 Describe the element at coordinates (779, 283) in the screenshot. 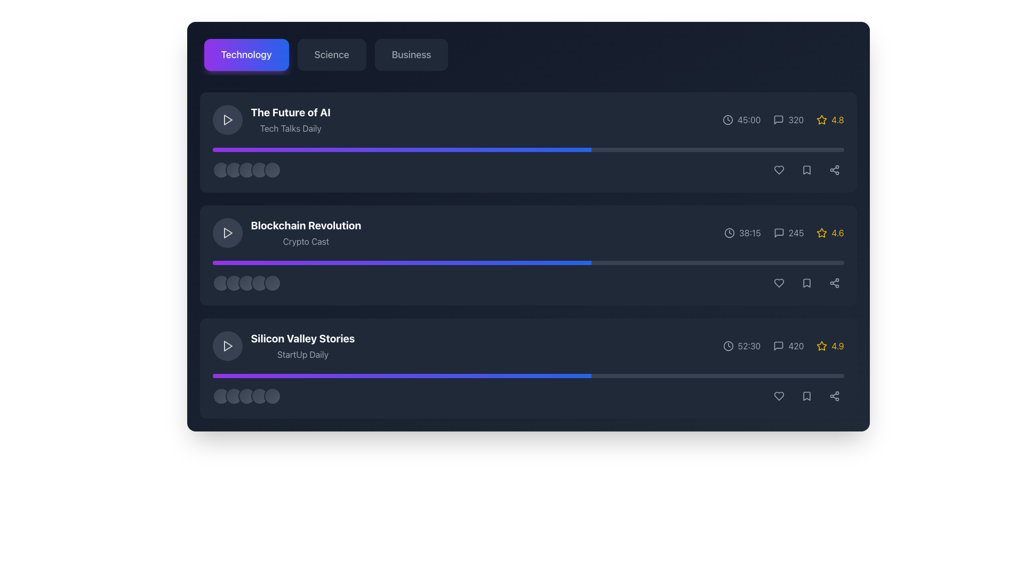

I see `the 'like' button located to the right of the interaction panel for the podcast titled 'Blockchain Revolution'` at that location.